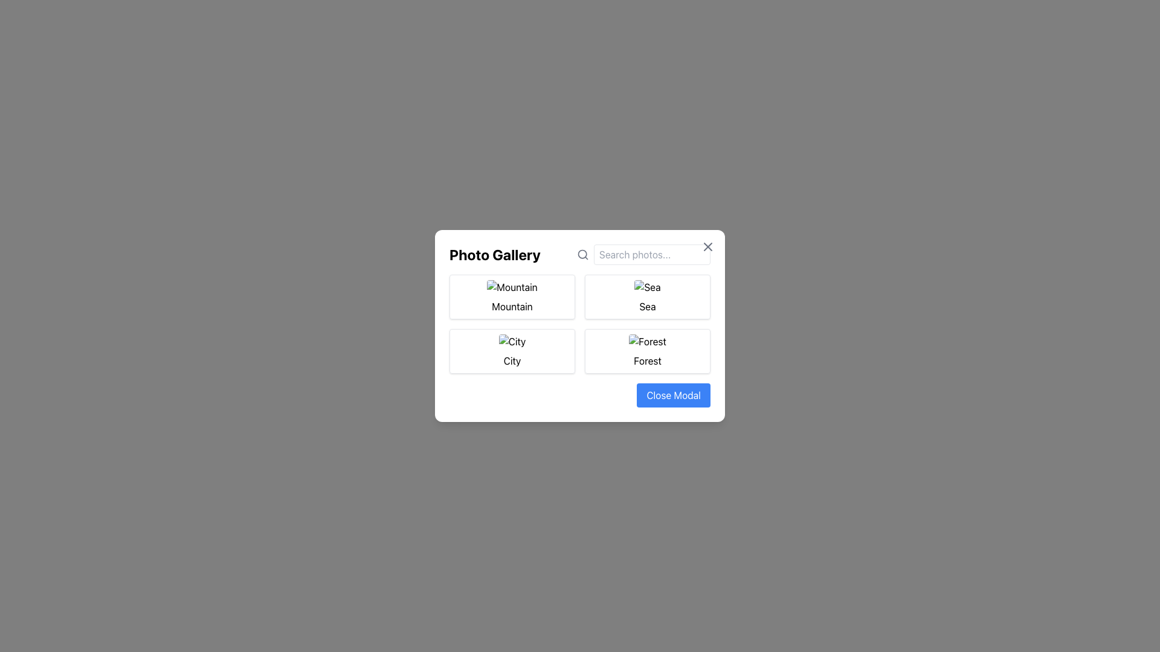  What do you see at coordinates (512, 351) in the screenshot?
I see `the 'City' card in the grid layout` at bounding box center [512, 351].